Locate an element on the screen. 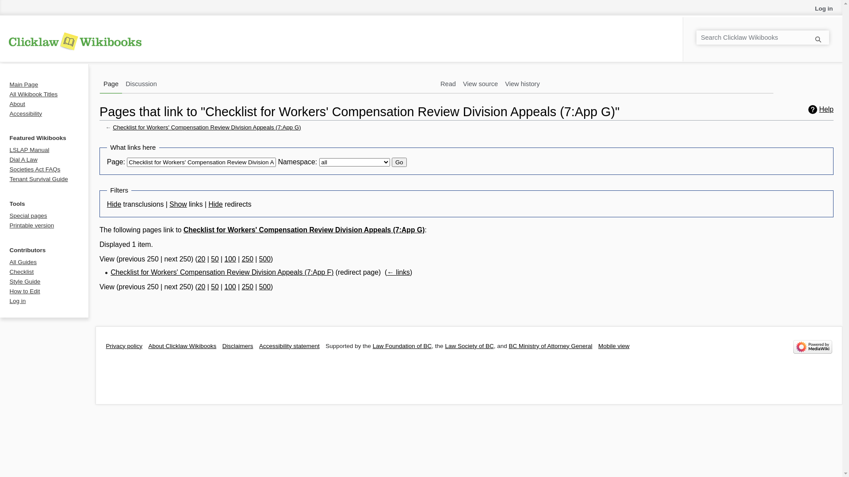 Image resolution: width=849 pixels, height=477 pixels. 'Show' is located at coordinates (169, 204).